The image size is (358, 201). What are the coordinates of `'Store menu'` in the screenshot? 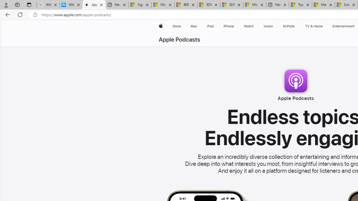 It's located at (182, 26).